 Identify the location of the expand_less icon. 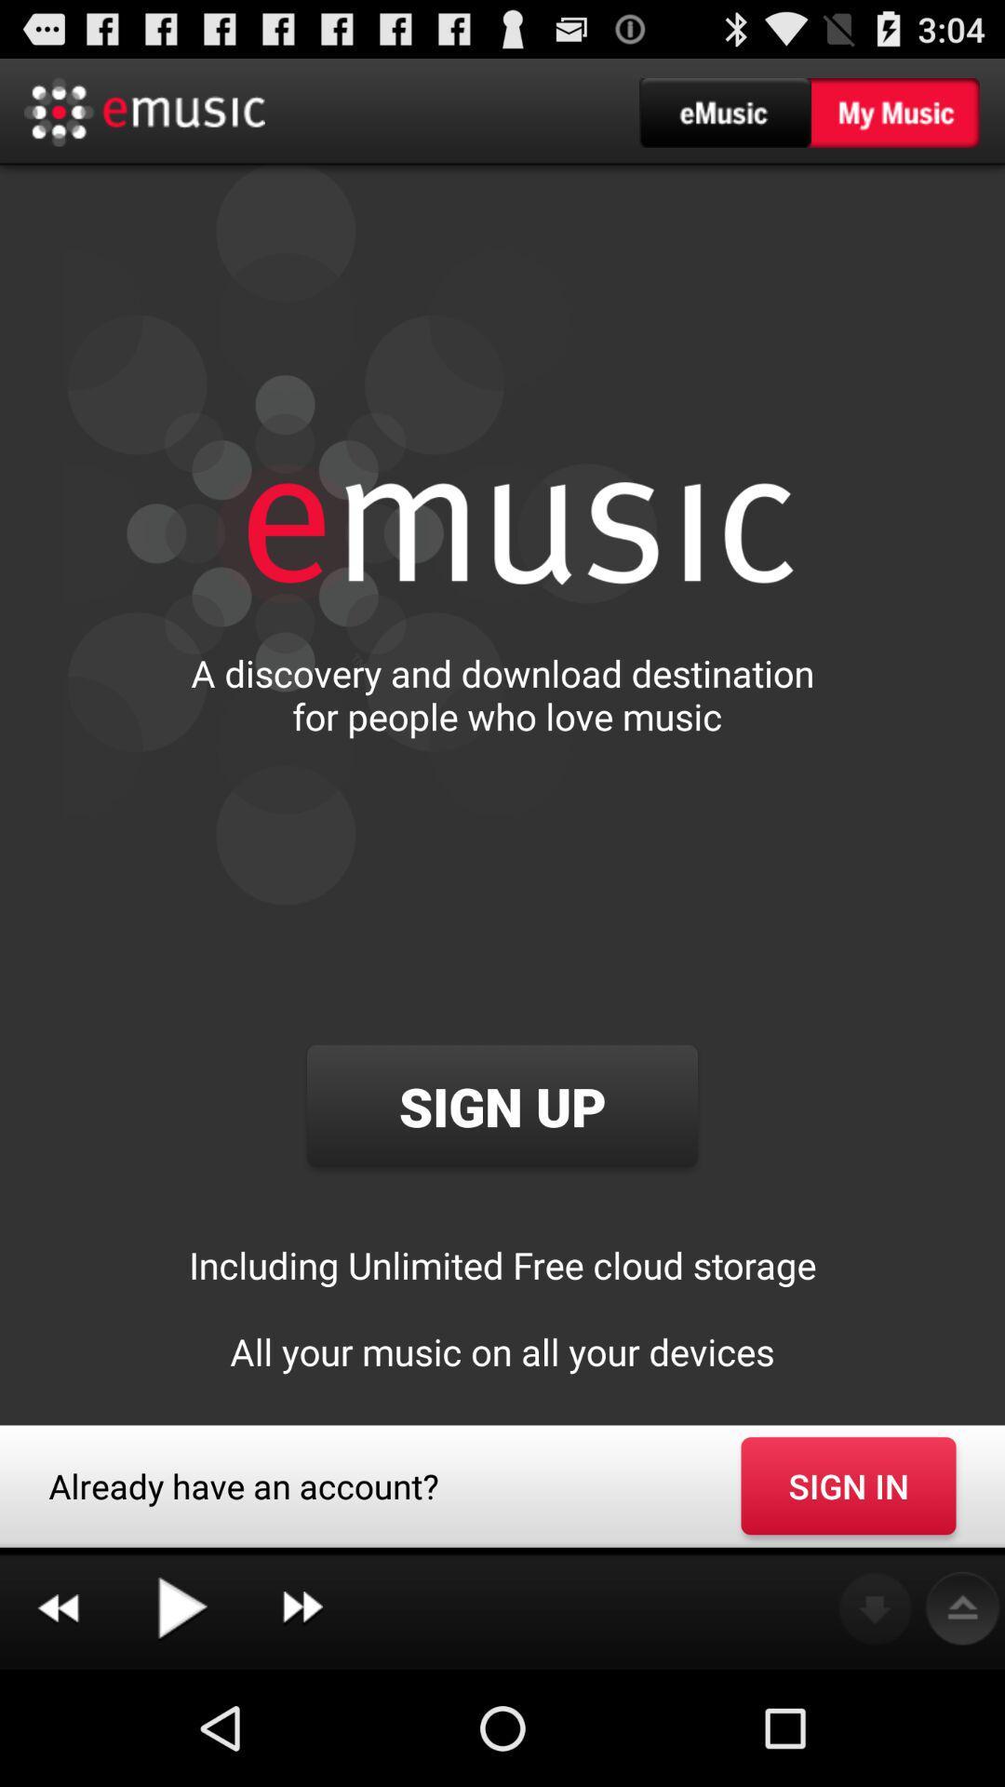
(962, 1721).